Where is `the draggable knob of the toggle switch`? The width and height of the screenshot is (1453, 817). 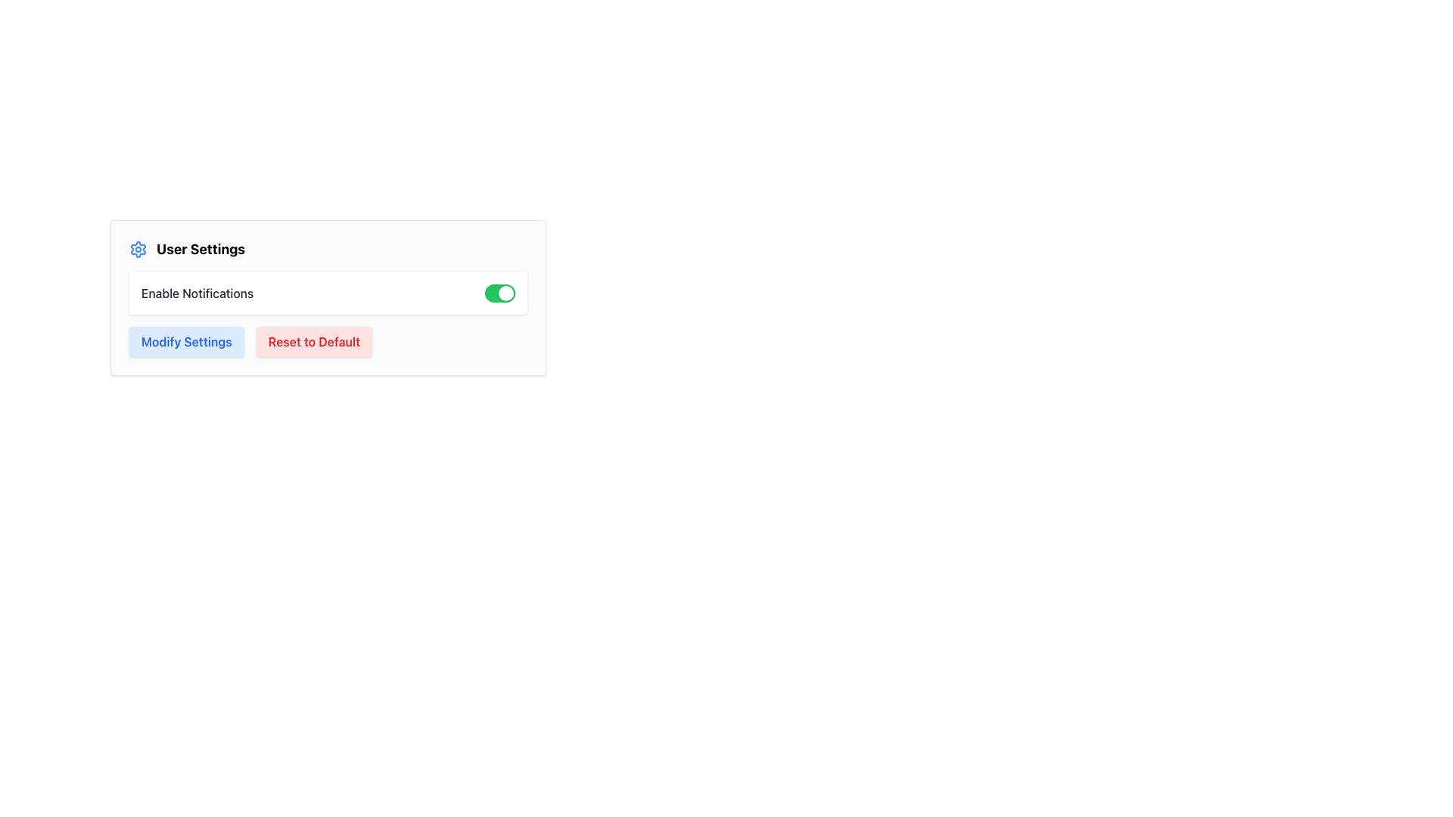
the draggable knob of the toggle switch is located at coordinates (506, 294).